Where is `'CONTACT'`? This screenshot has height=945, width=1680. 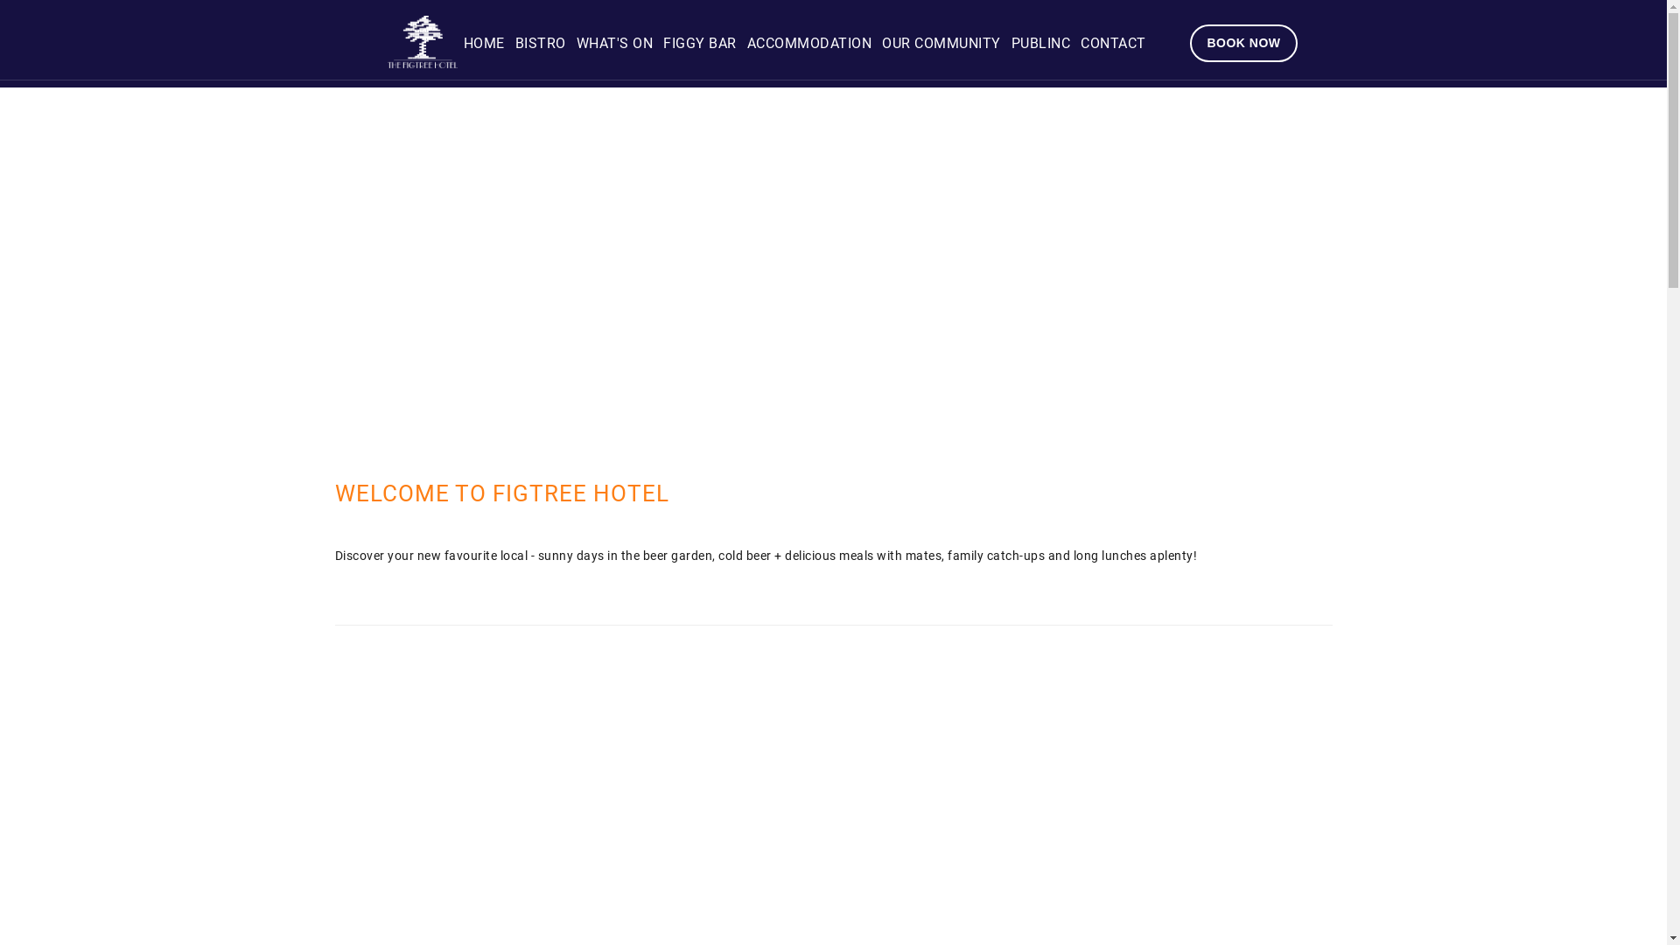 'CONTACT' is located at coordinates (1112, 43).